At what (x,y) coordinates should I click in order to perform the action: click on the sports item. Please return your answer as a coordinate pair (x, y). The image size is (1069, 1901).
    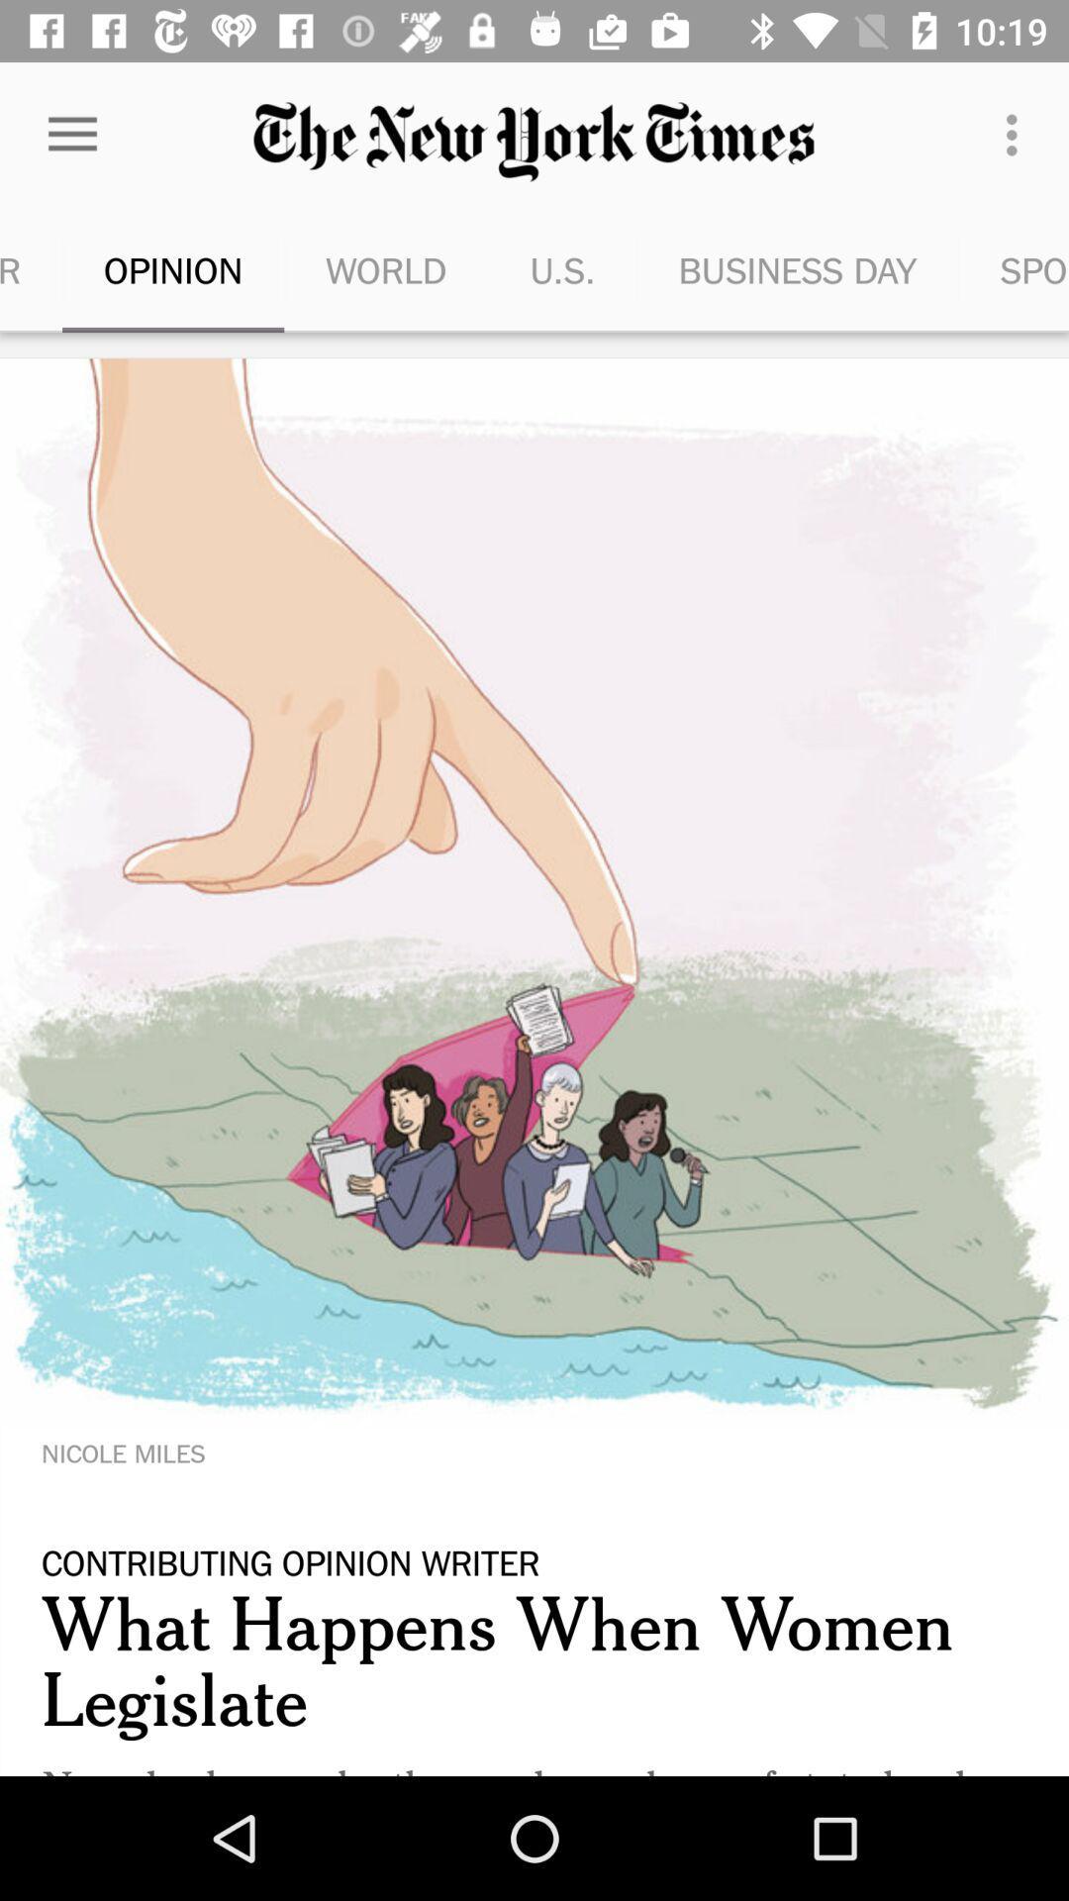
    Looking at the image, I should click on (1014, 269).